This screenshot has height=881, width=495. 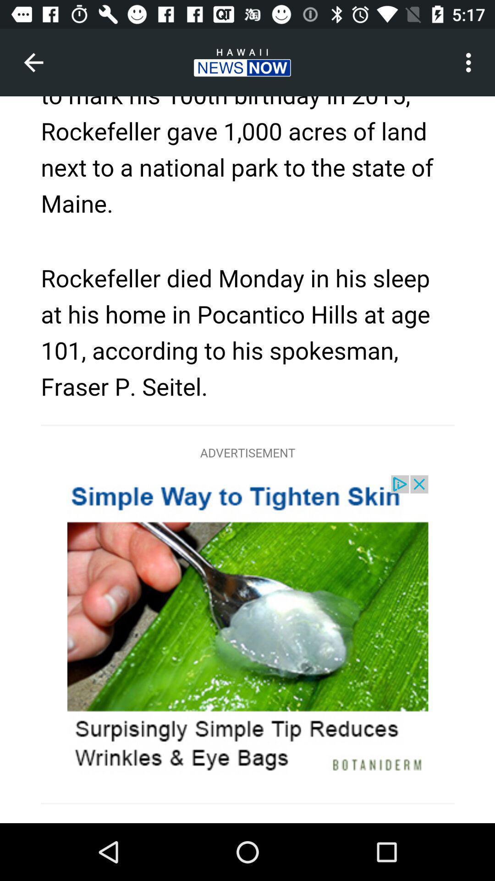 What do you see at coordinates (247, 460) in the screenshot?
I see `adversemend` at bounding box center [247, 460].